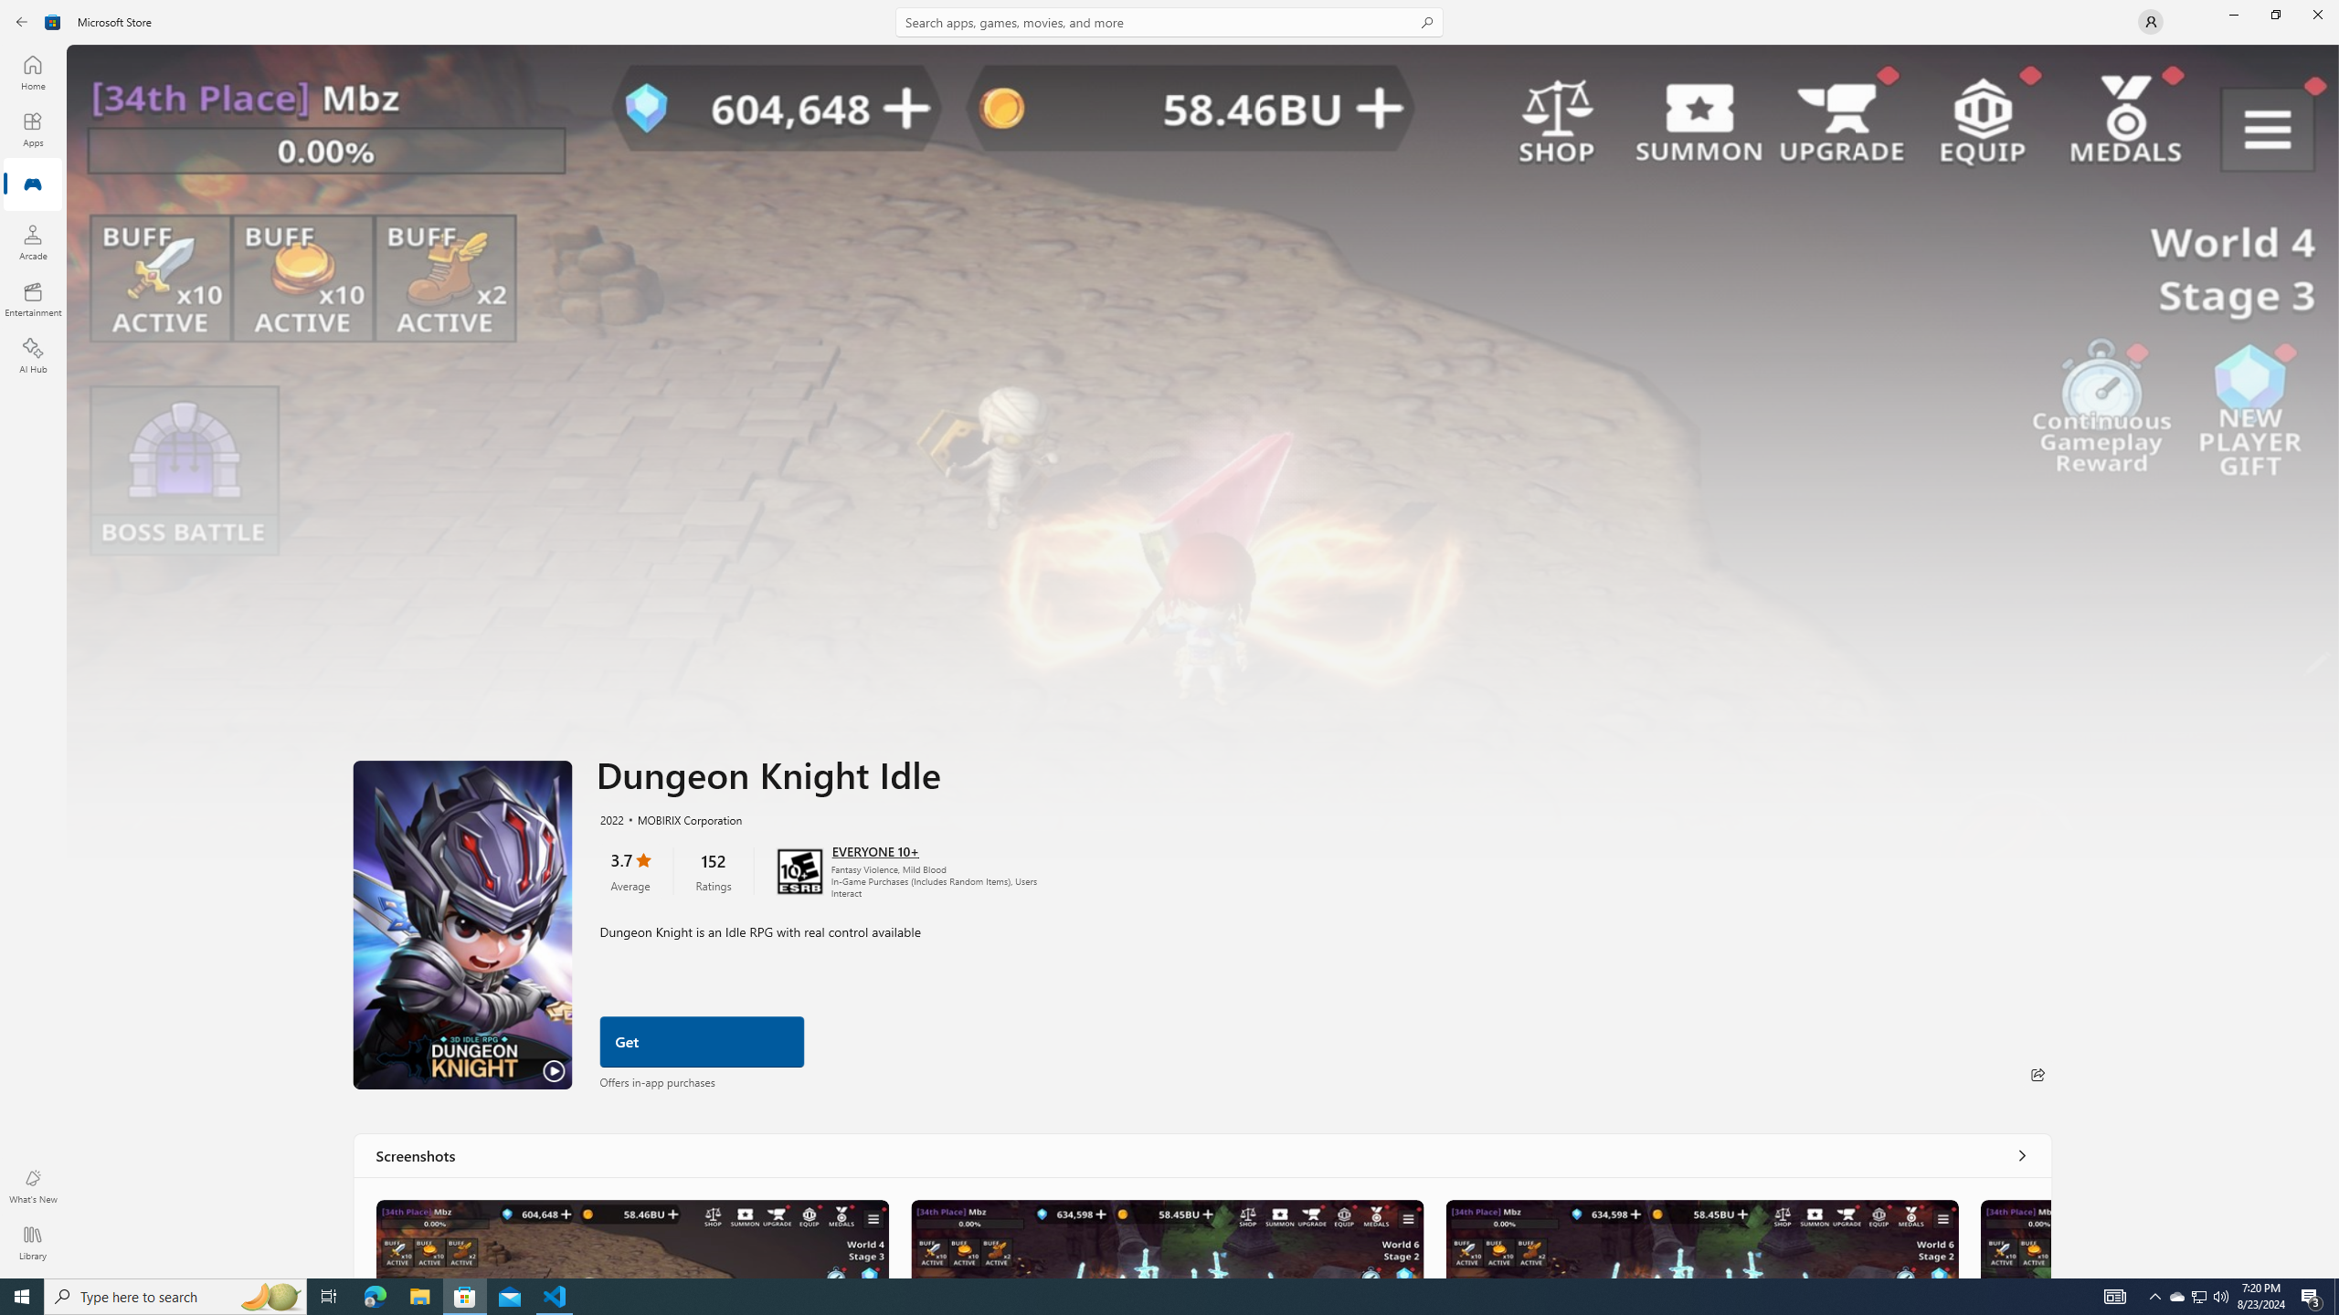 This screenshot has width=2339, height=1315. I want to click on 'See all', so click(2022, 1154).